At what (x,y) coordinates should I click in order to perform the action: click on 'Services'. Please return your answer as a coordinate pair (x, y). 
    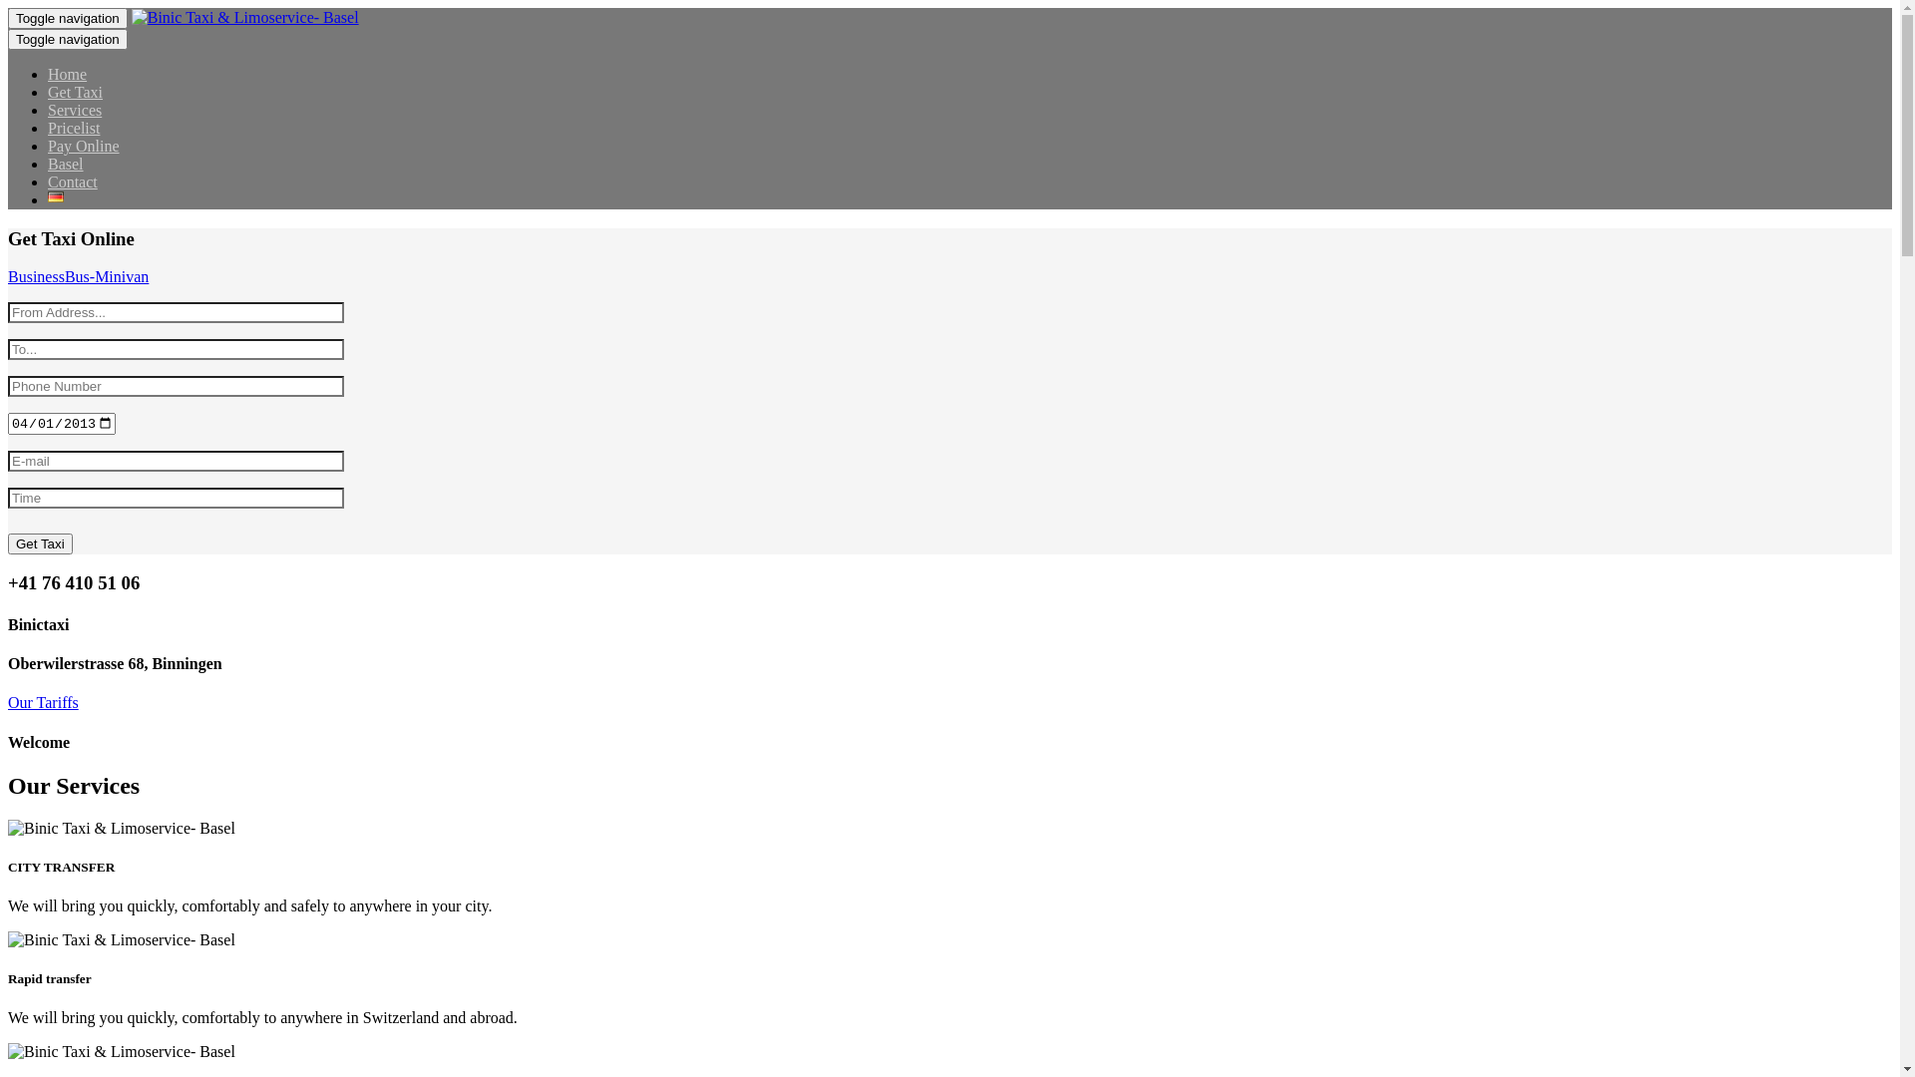
    Looking at the image, I should click on (75, 110).